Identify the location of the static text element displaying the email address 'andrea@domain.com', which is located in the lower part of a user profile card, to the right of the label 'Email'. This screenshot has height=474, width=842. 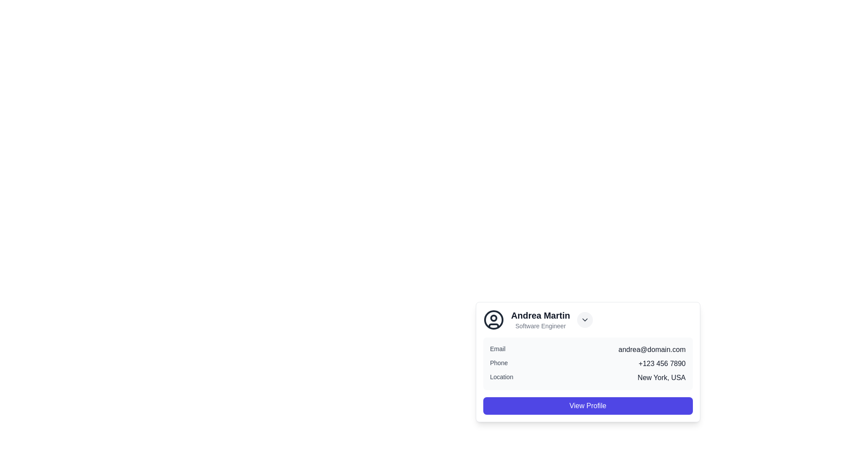
(652, 349).